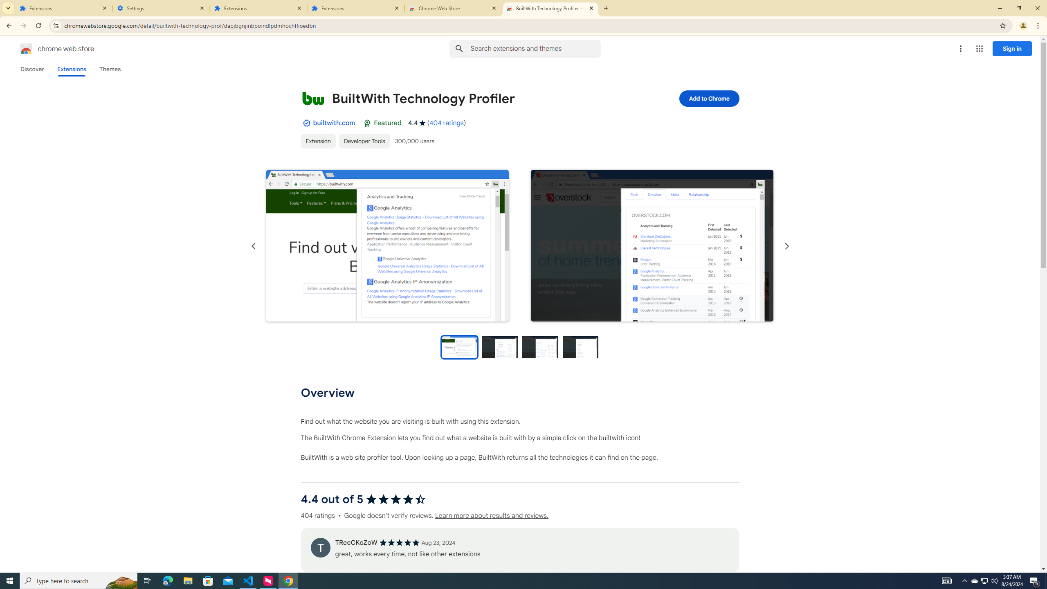 Image resolution: width=1047 pixels, height=589 pixels. What do you see at coordinates (48, 48) in the screenshot?
I see `'Chrome Web Store logo chrome web store'` at bounding box center [48, 48].